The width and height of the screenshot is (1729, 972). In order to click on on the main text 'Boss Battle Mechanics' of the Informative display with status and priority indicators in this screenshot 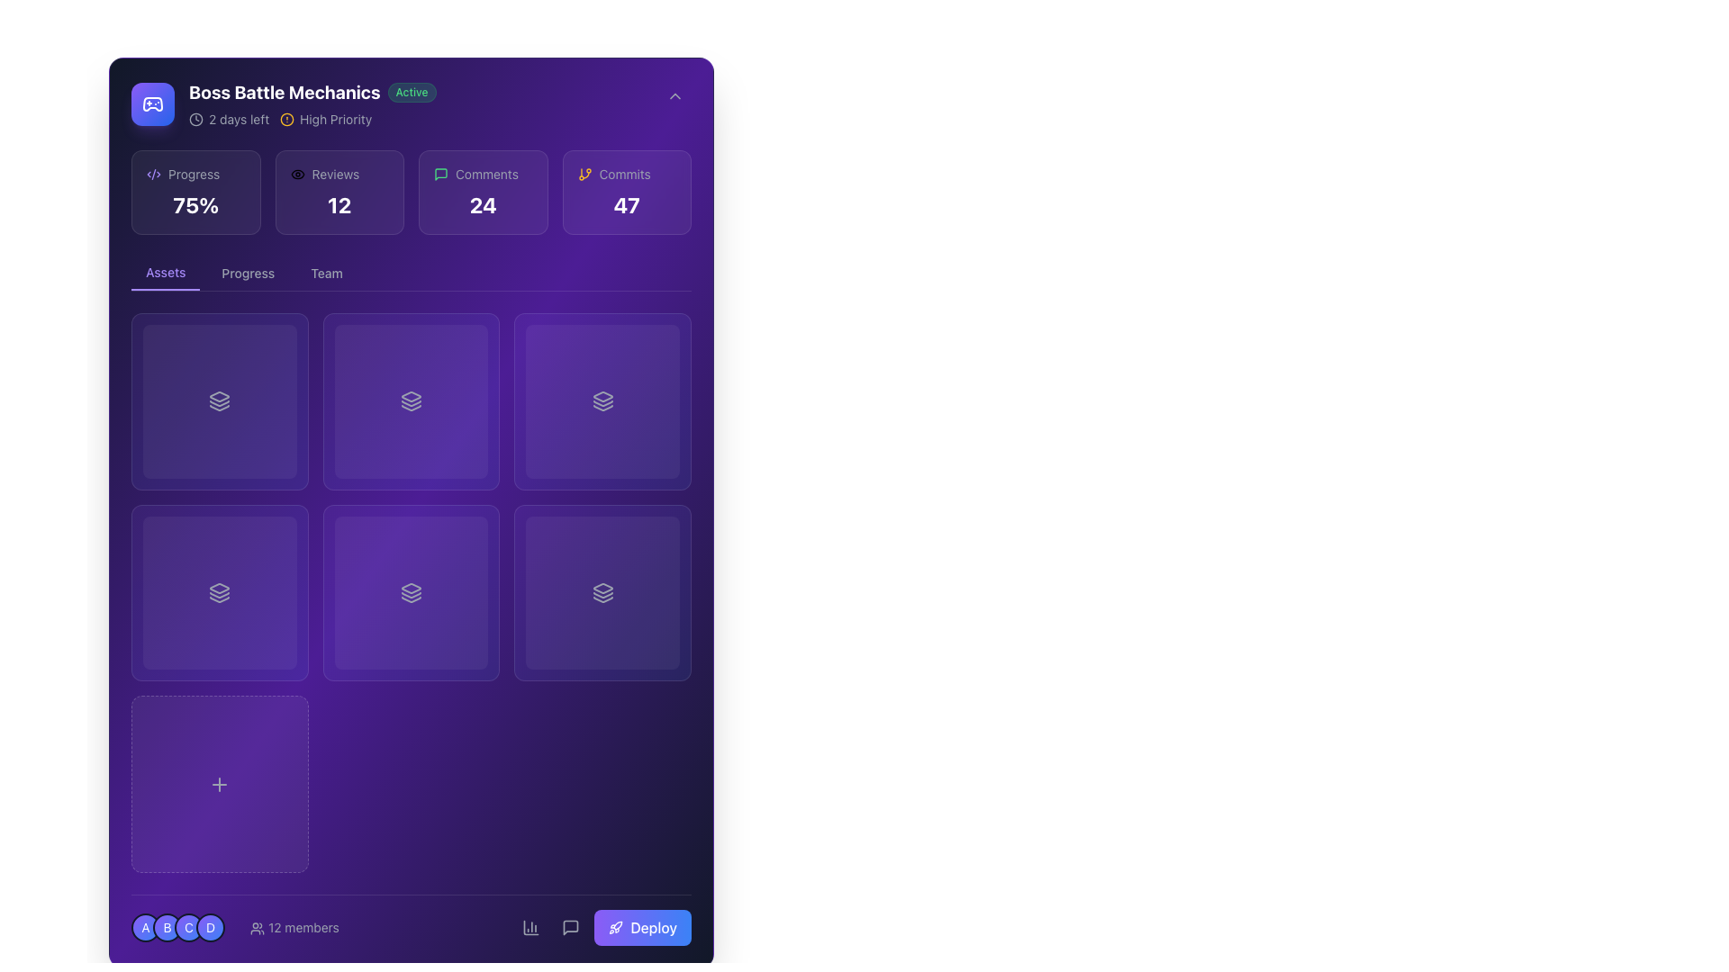, I will do `click(312, 103)`.